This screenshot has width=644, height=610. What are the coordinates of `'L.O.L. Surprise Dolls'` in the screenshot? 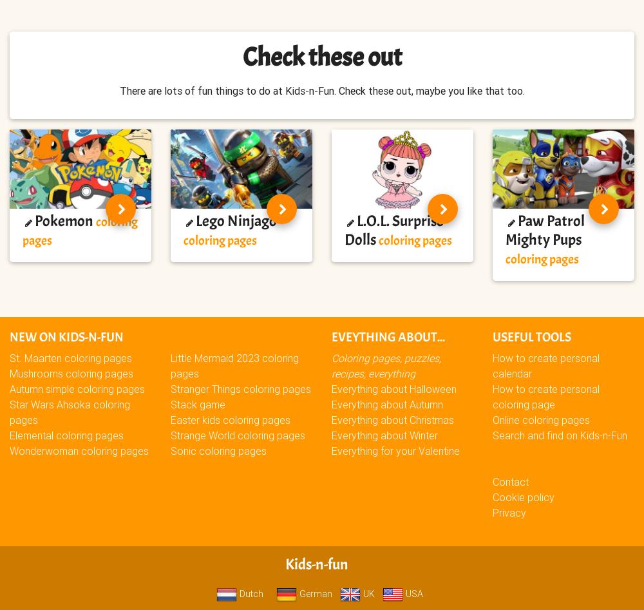 It's located at (393, 229).